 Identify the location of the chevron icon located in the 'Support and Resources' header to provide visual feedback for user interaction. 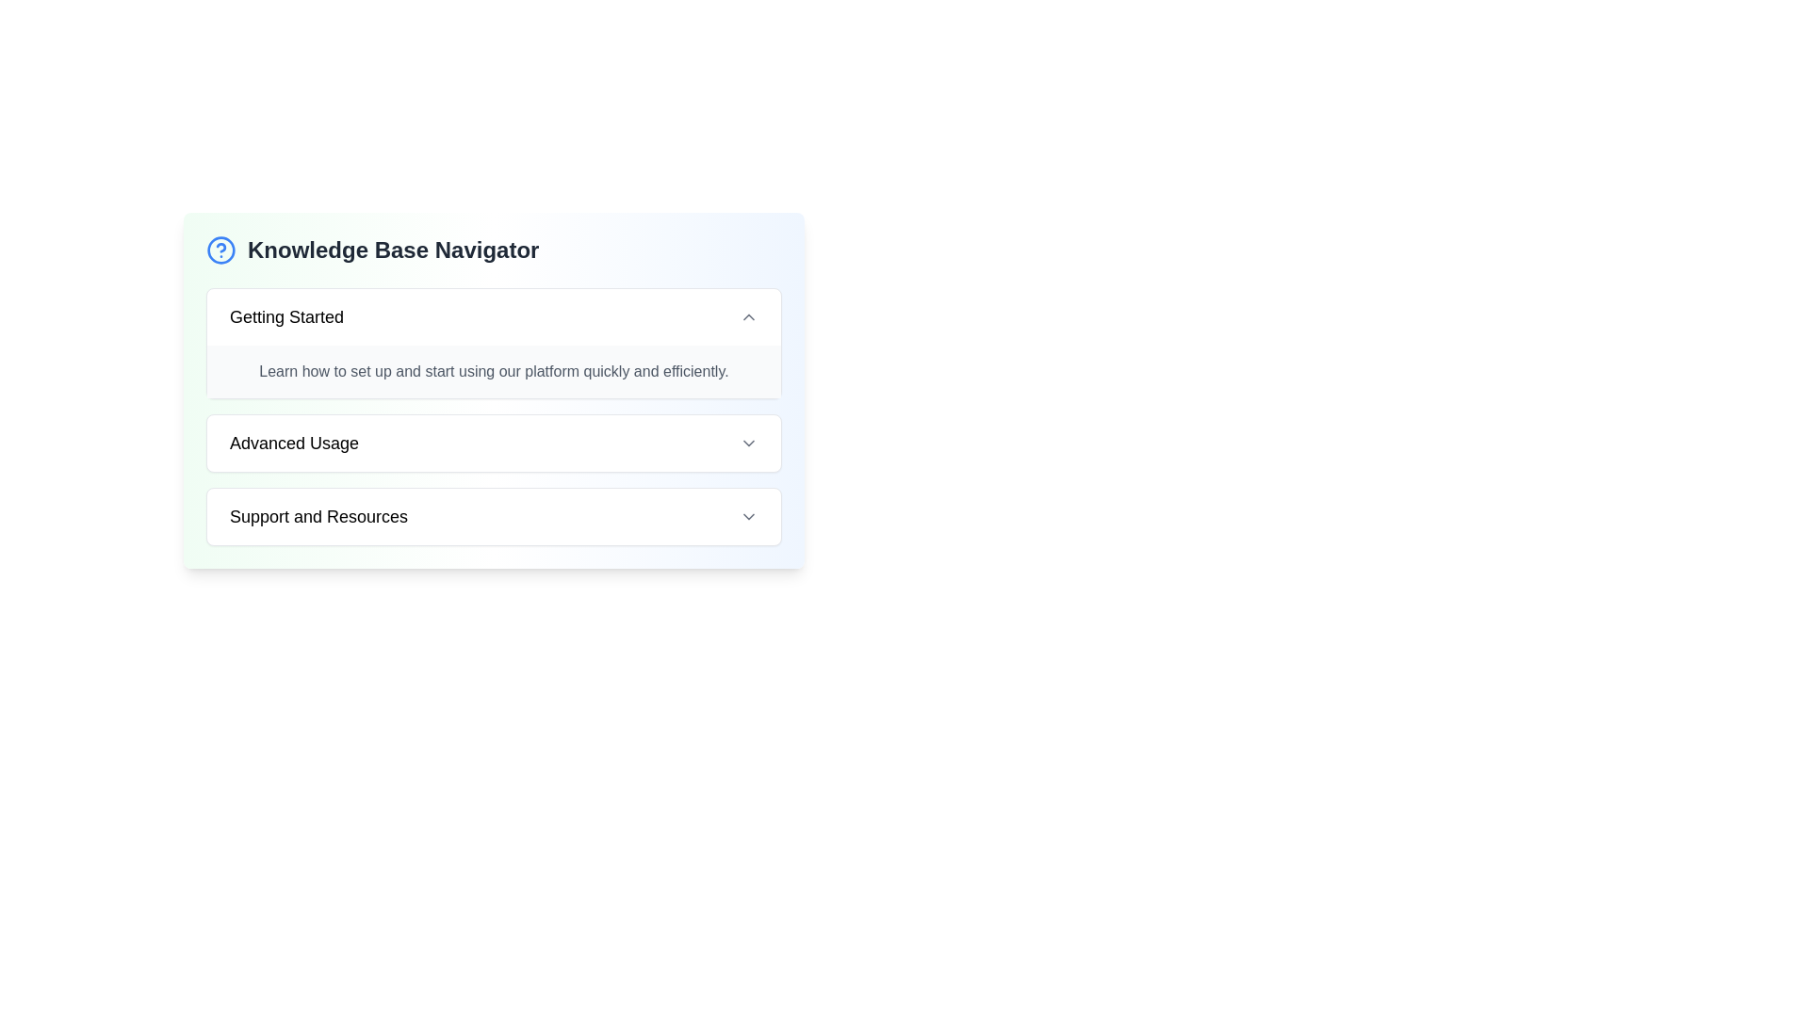
(748, 516).